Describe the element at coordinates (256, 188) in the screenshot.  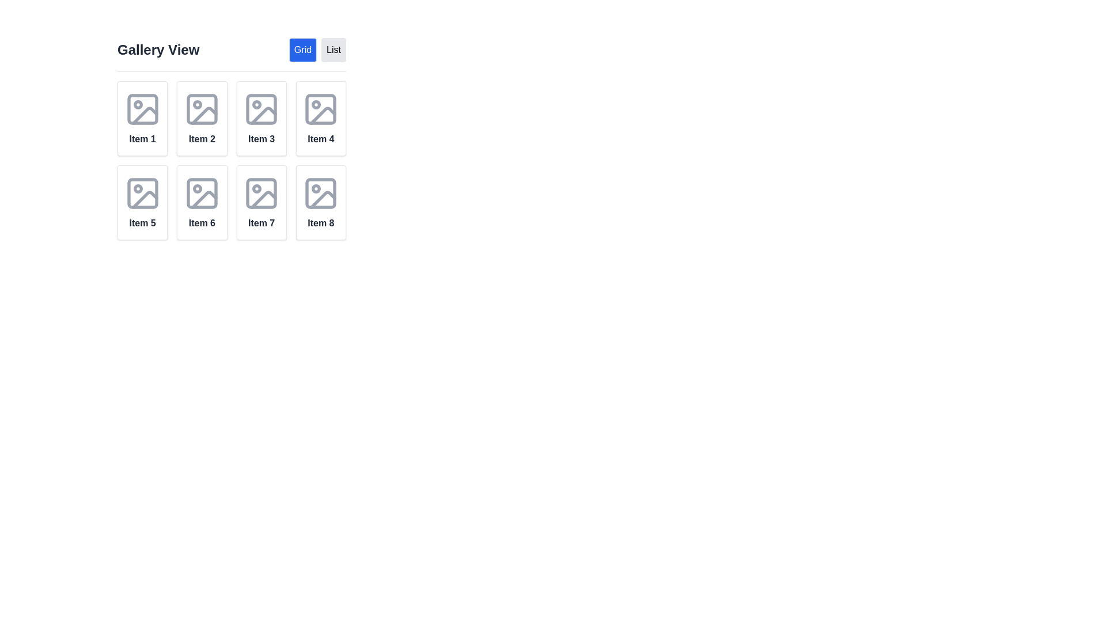
I see `the circular indicator located inside the seventh grid item in the bottom row of a 2x4 grid layout, which is part of the card labeled 'Item 7'` at that location.